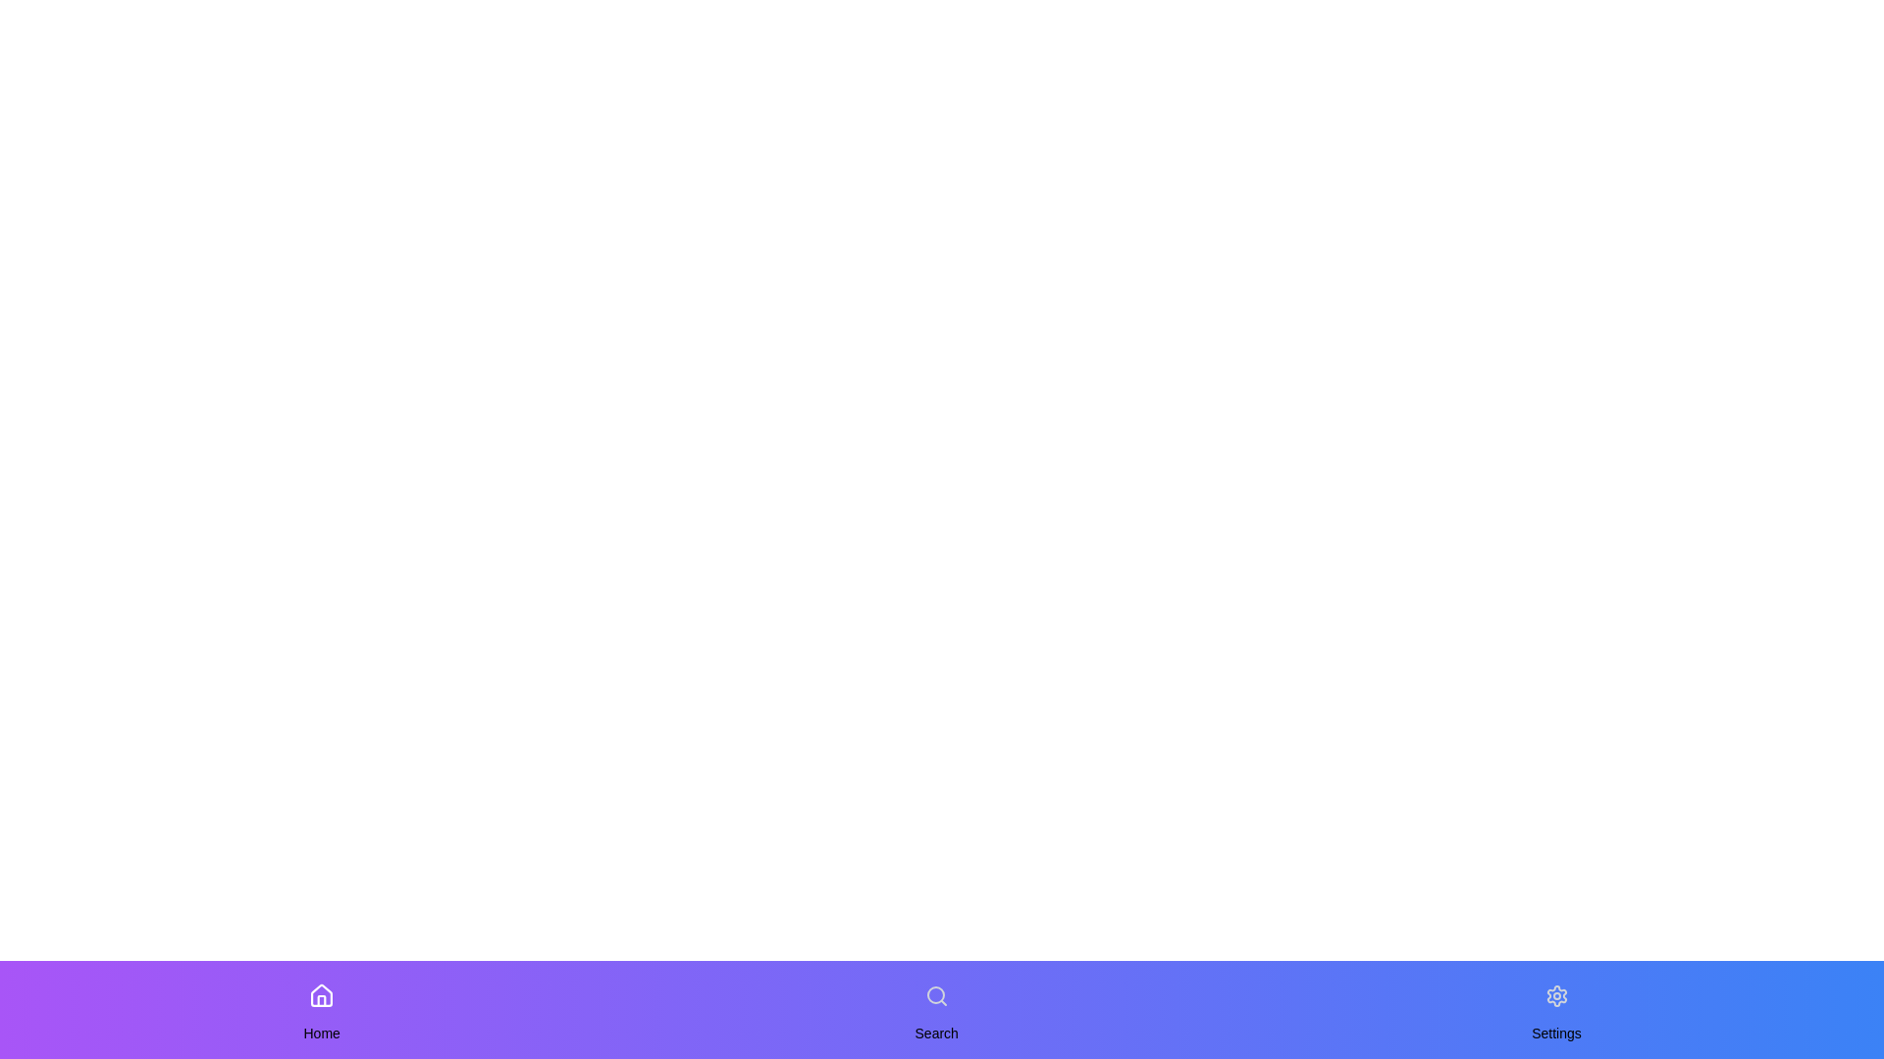 This screenshot has height=1059, width=1884. I want to click on the navigation item Settings to observe its visual effect, so click(1554, 995).